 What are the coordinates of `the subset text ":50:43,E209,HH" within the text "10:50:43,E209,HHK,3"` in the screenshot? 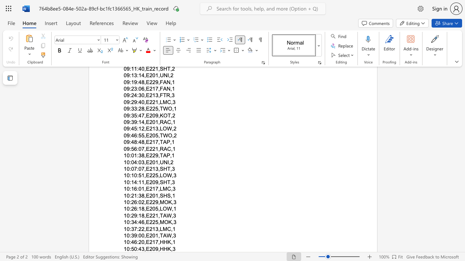 It's located at (129, 248).